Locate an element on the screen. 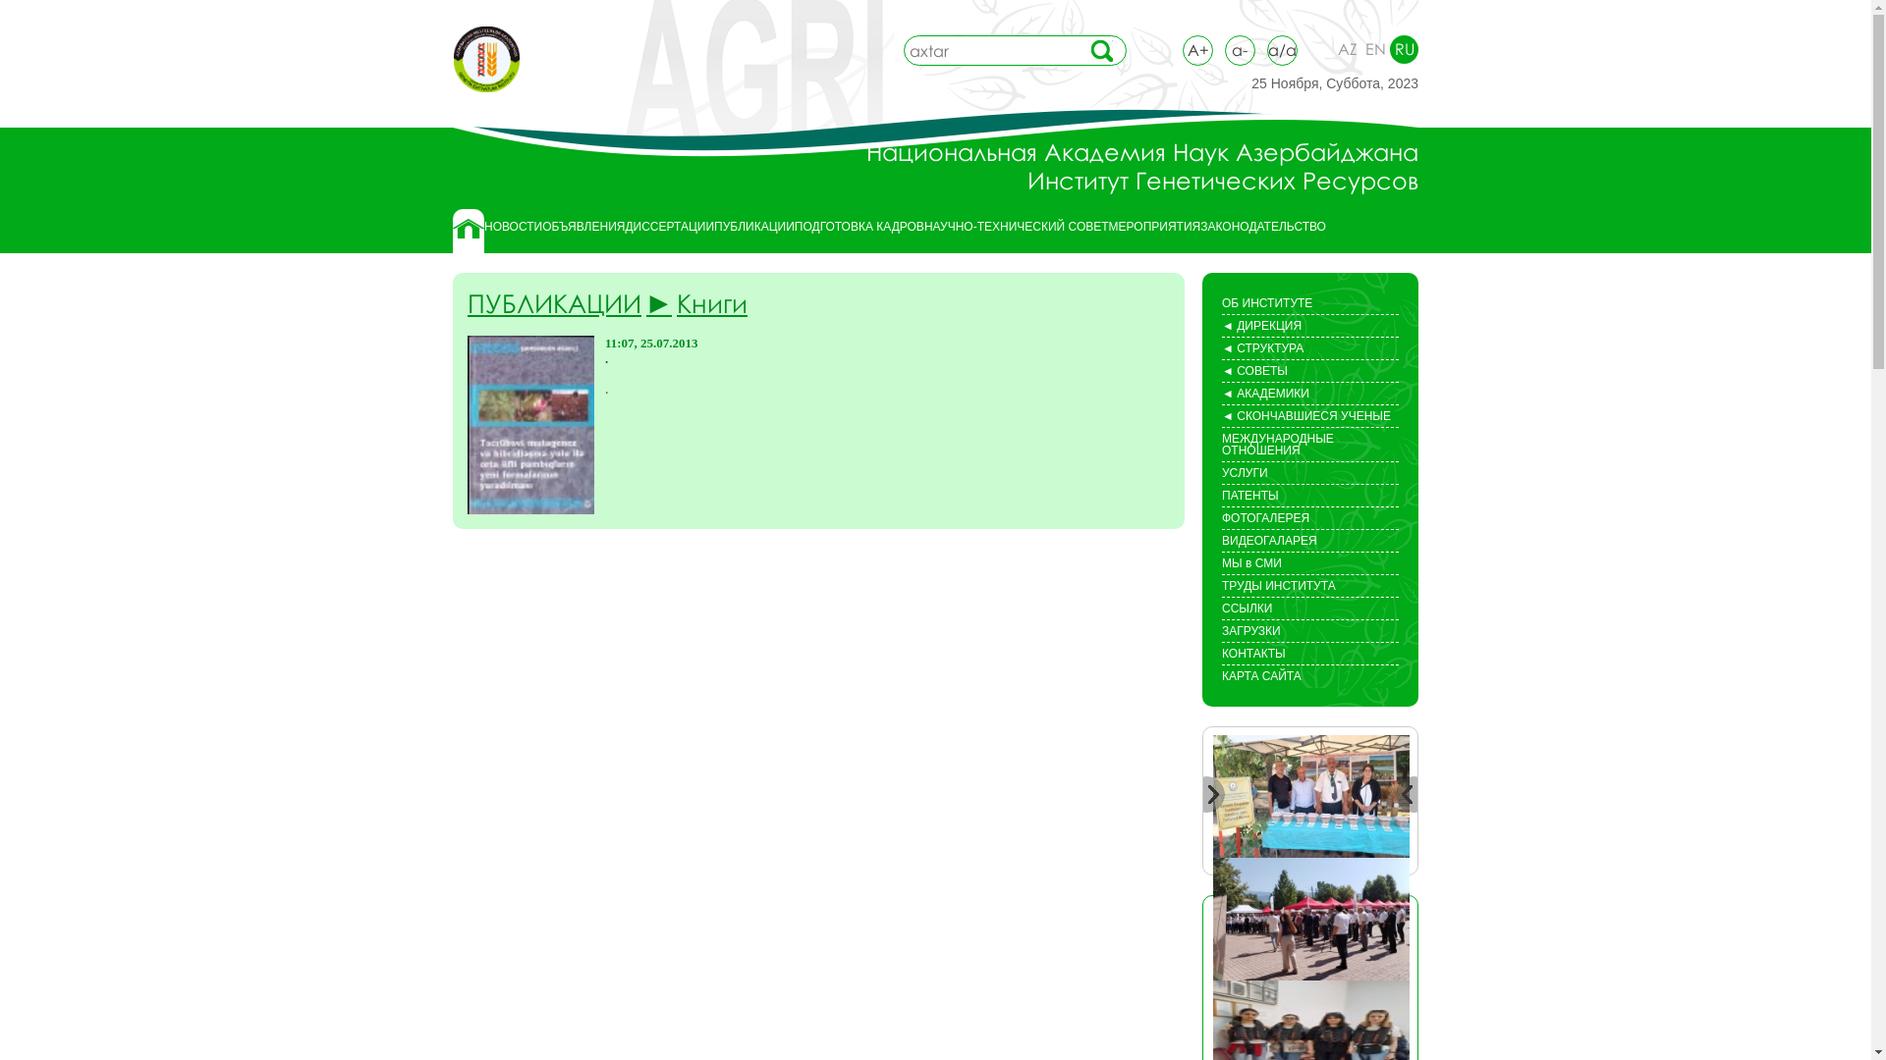  'a-' is located at coordinates (1239, 49).